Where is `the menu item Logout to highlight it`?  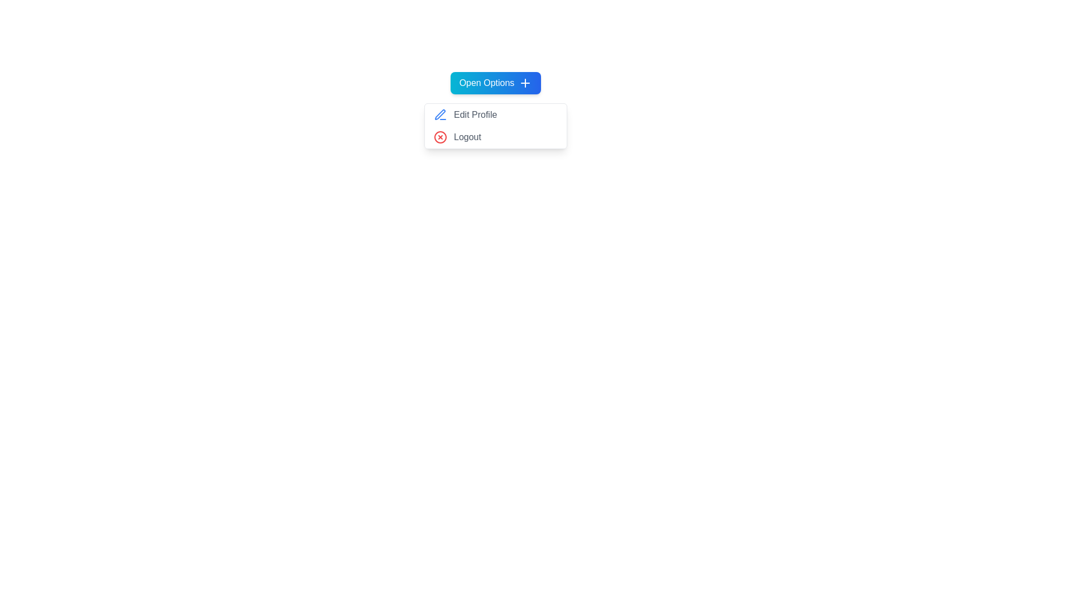
the menu item Logout to highlight it is located at coordinates (495, 137).